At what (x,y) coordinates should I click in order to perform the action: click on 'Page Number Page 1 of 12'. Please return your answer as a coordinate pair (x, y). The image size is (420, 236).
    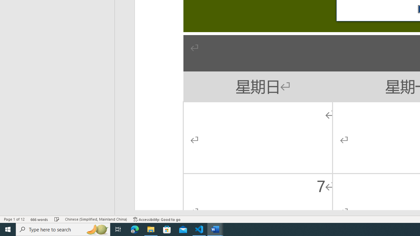
    Looking at the image, I should click on (14, 219).